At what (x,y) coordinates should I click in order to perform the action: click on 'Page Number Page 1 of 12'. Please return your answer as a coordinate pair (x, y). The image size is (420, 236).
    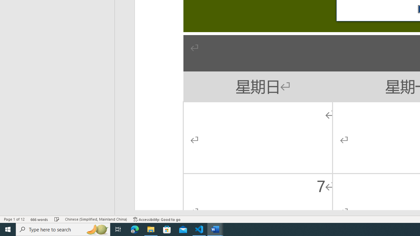
    Looking at the image, I should click on (14, 219).